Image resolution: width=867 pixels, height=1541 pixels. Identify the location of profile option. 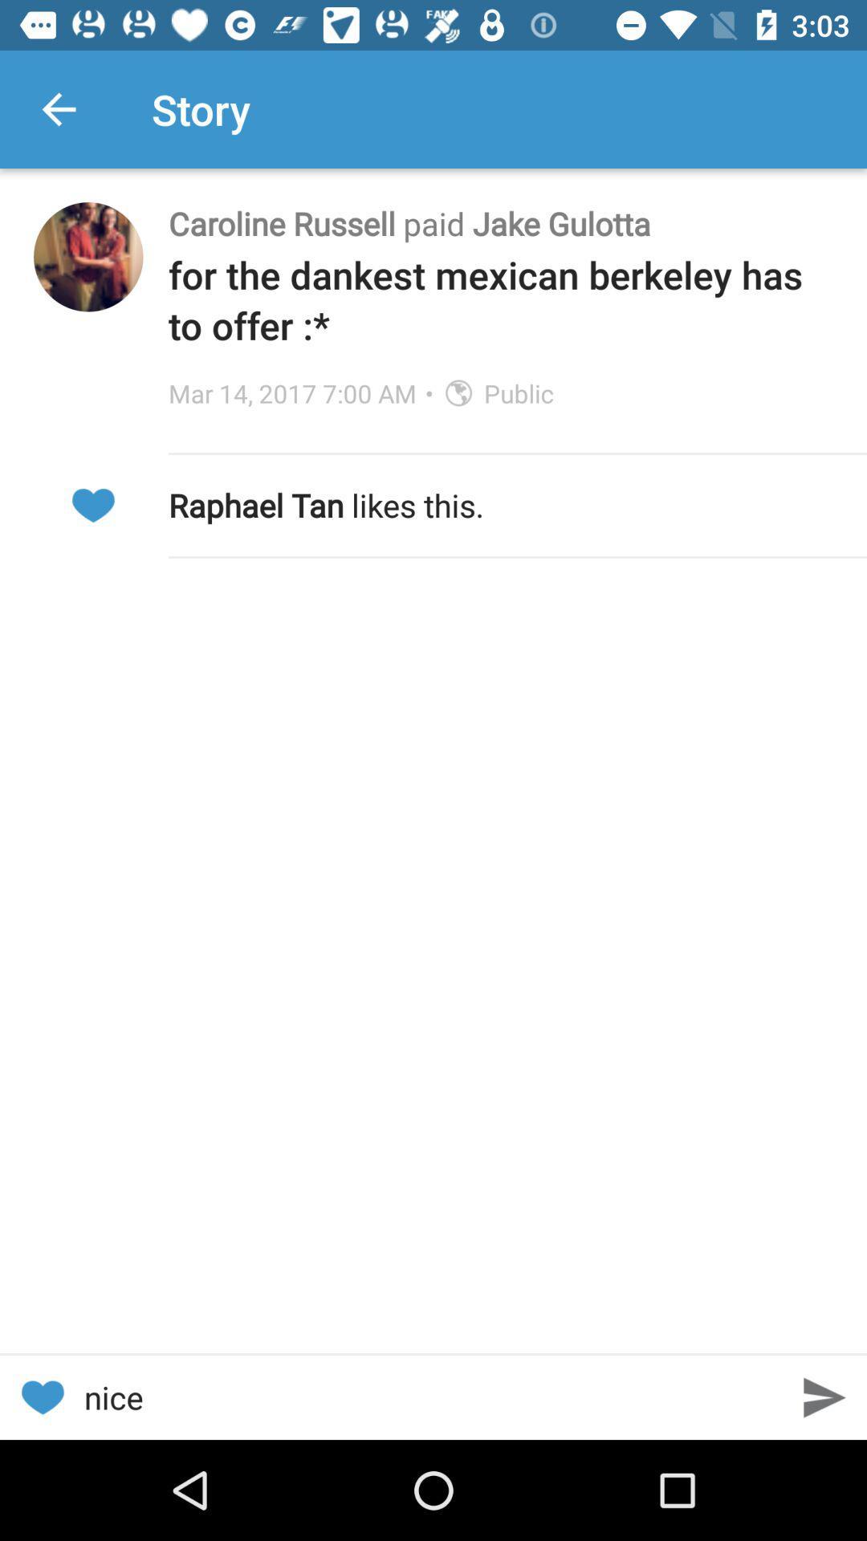
(88, 257).